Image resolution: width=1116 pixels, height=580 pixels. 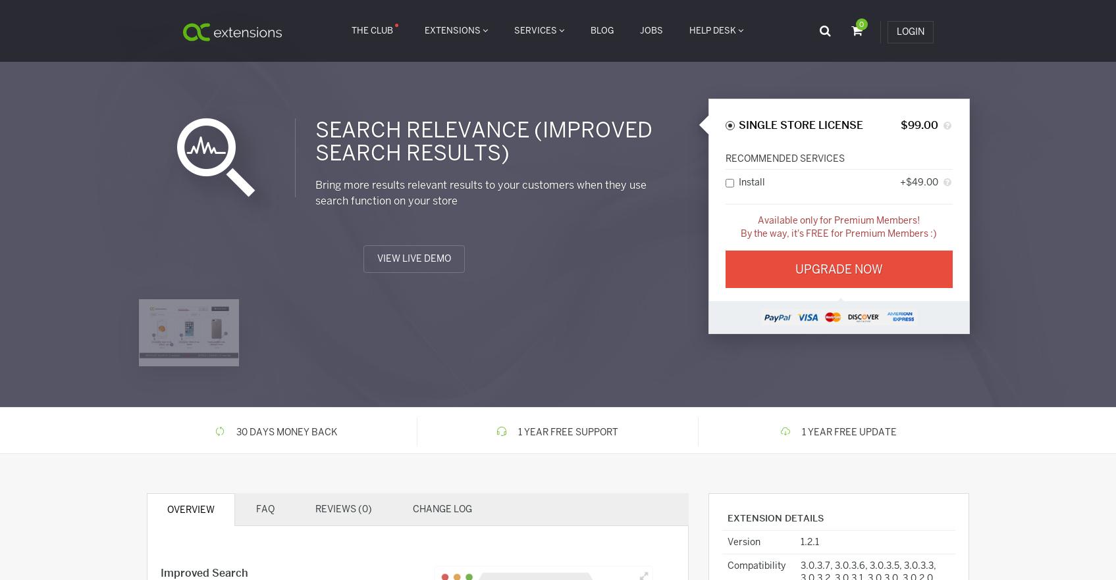 I want to click on 'View Live Demo', so click(x=413, y=258).